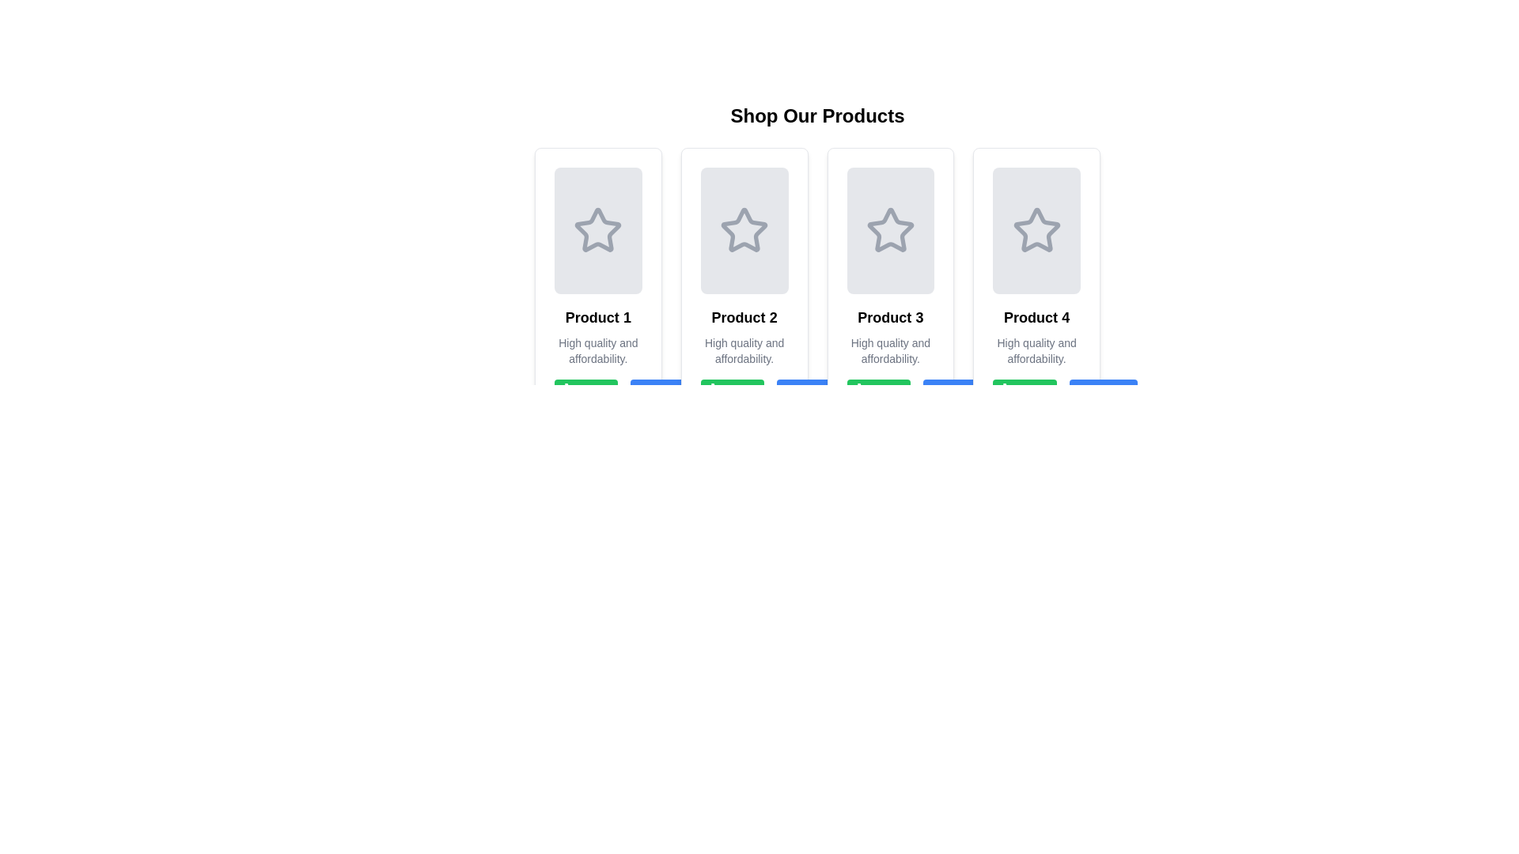 The image size is (1519, 854). Describe the element at coordinates (744, 231) in the screenshot. I see `the star-shaped icon located in the second card under the 'Shop Our Products' heading for additional actions` at that location.